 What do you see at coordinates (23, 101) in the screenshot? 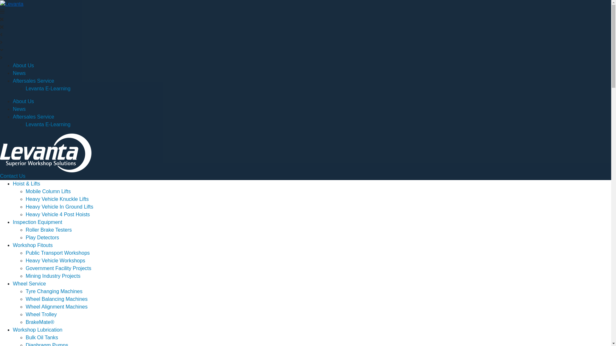
I see `'About Us'` at bounding box center [23, 101].